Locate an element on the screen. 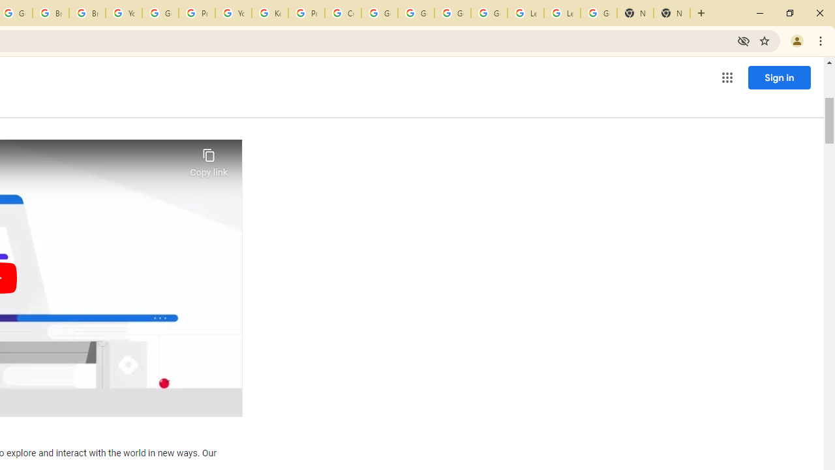  'Create your Google Account' is located at coordinates (343, 13).